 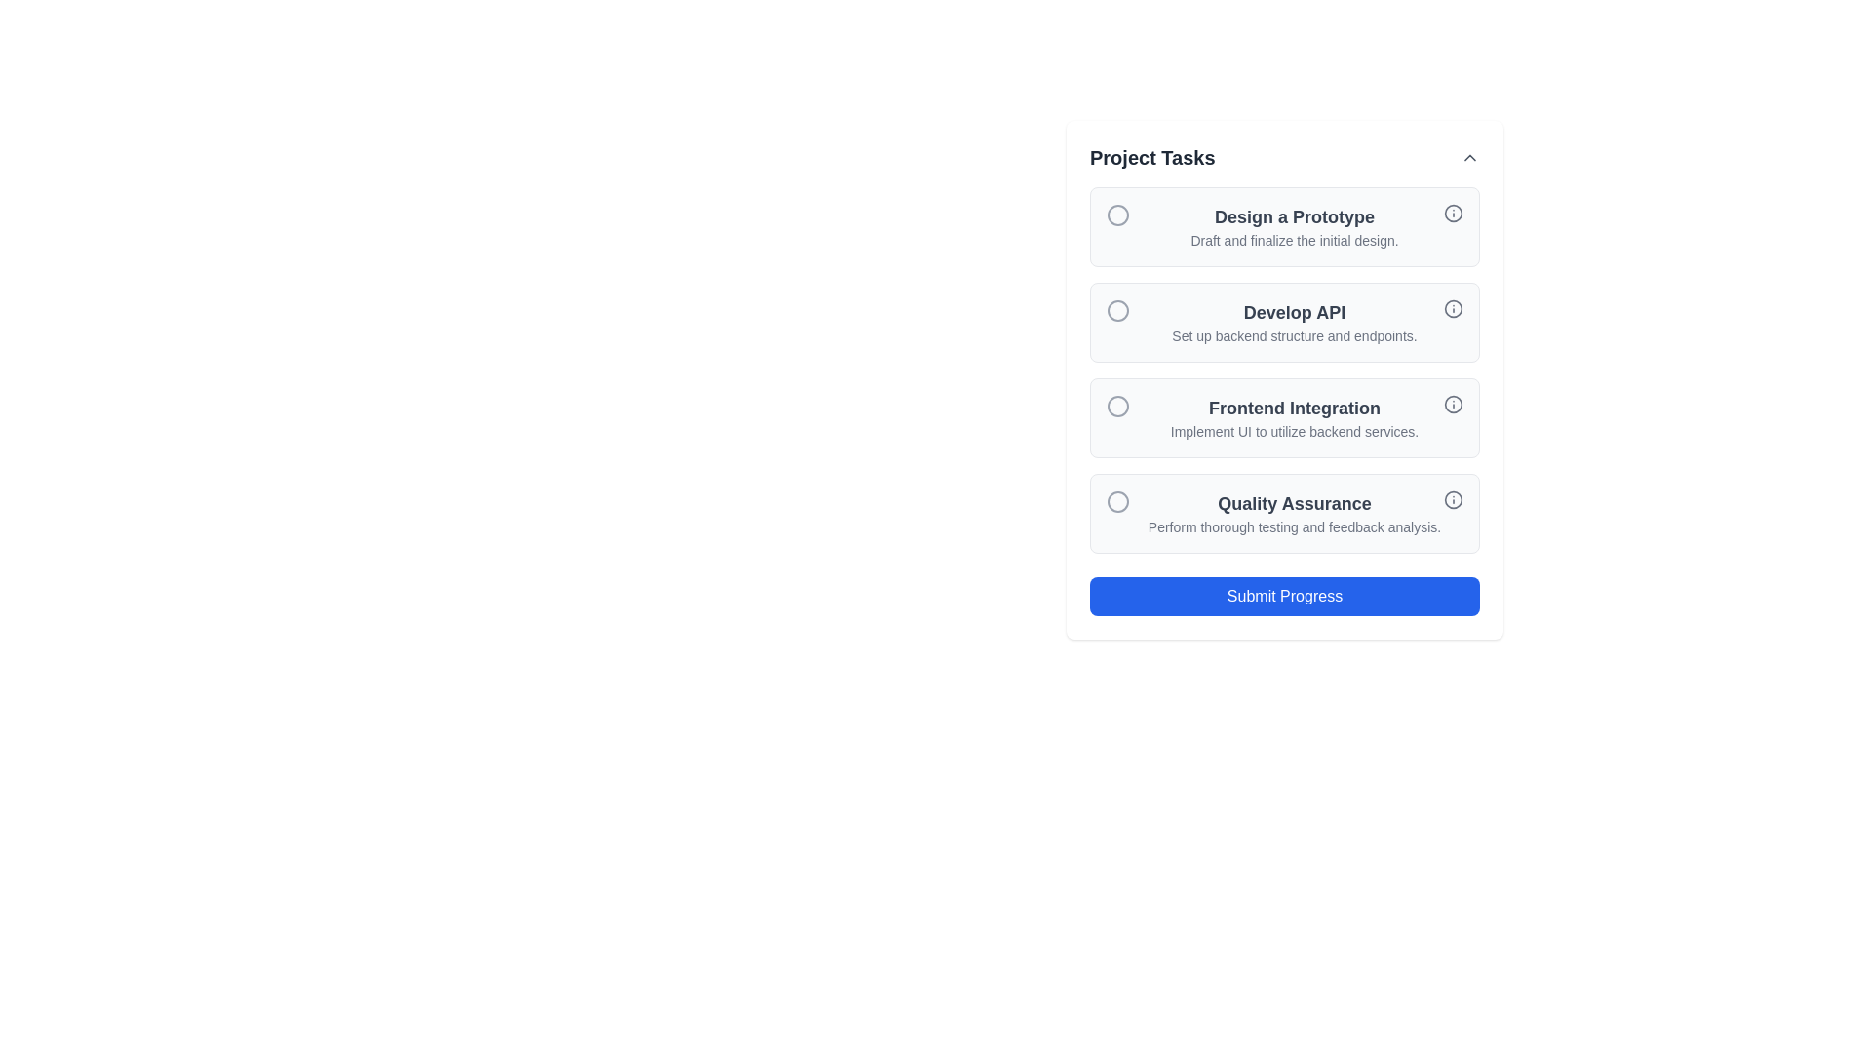 I want to click on the text label that reads 'Design a Prototype', which is styled in bold and large size, located in the 'Project Tasks' section as the main heading of the first task item, so click(x=1295, y=217).